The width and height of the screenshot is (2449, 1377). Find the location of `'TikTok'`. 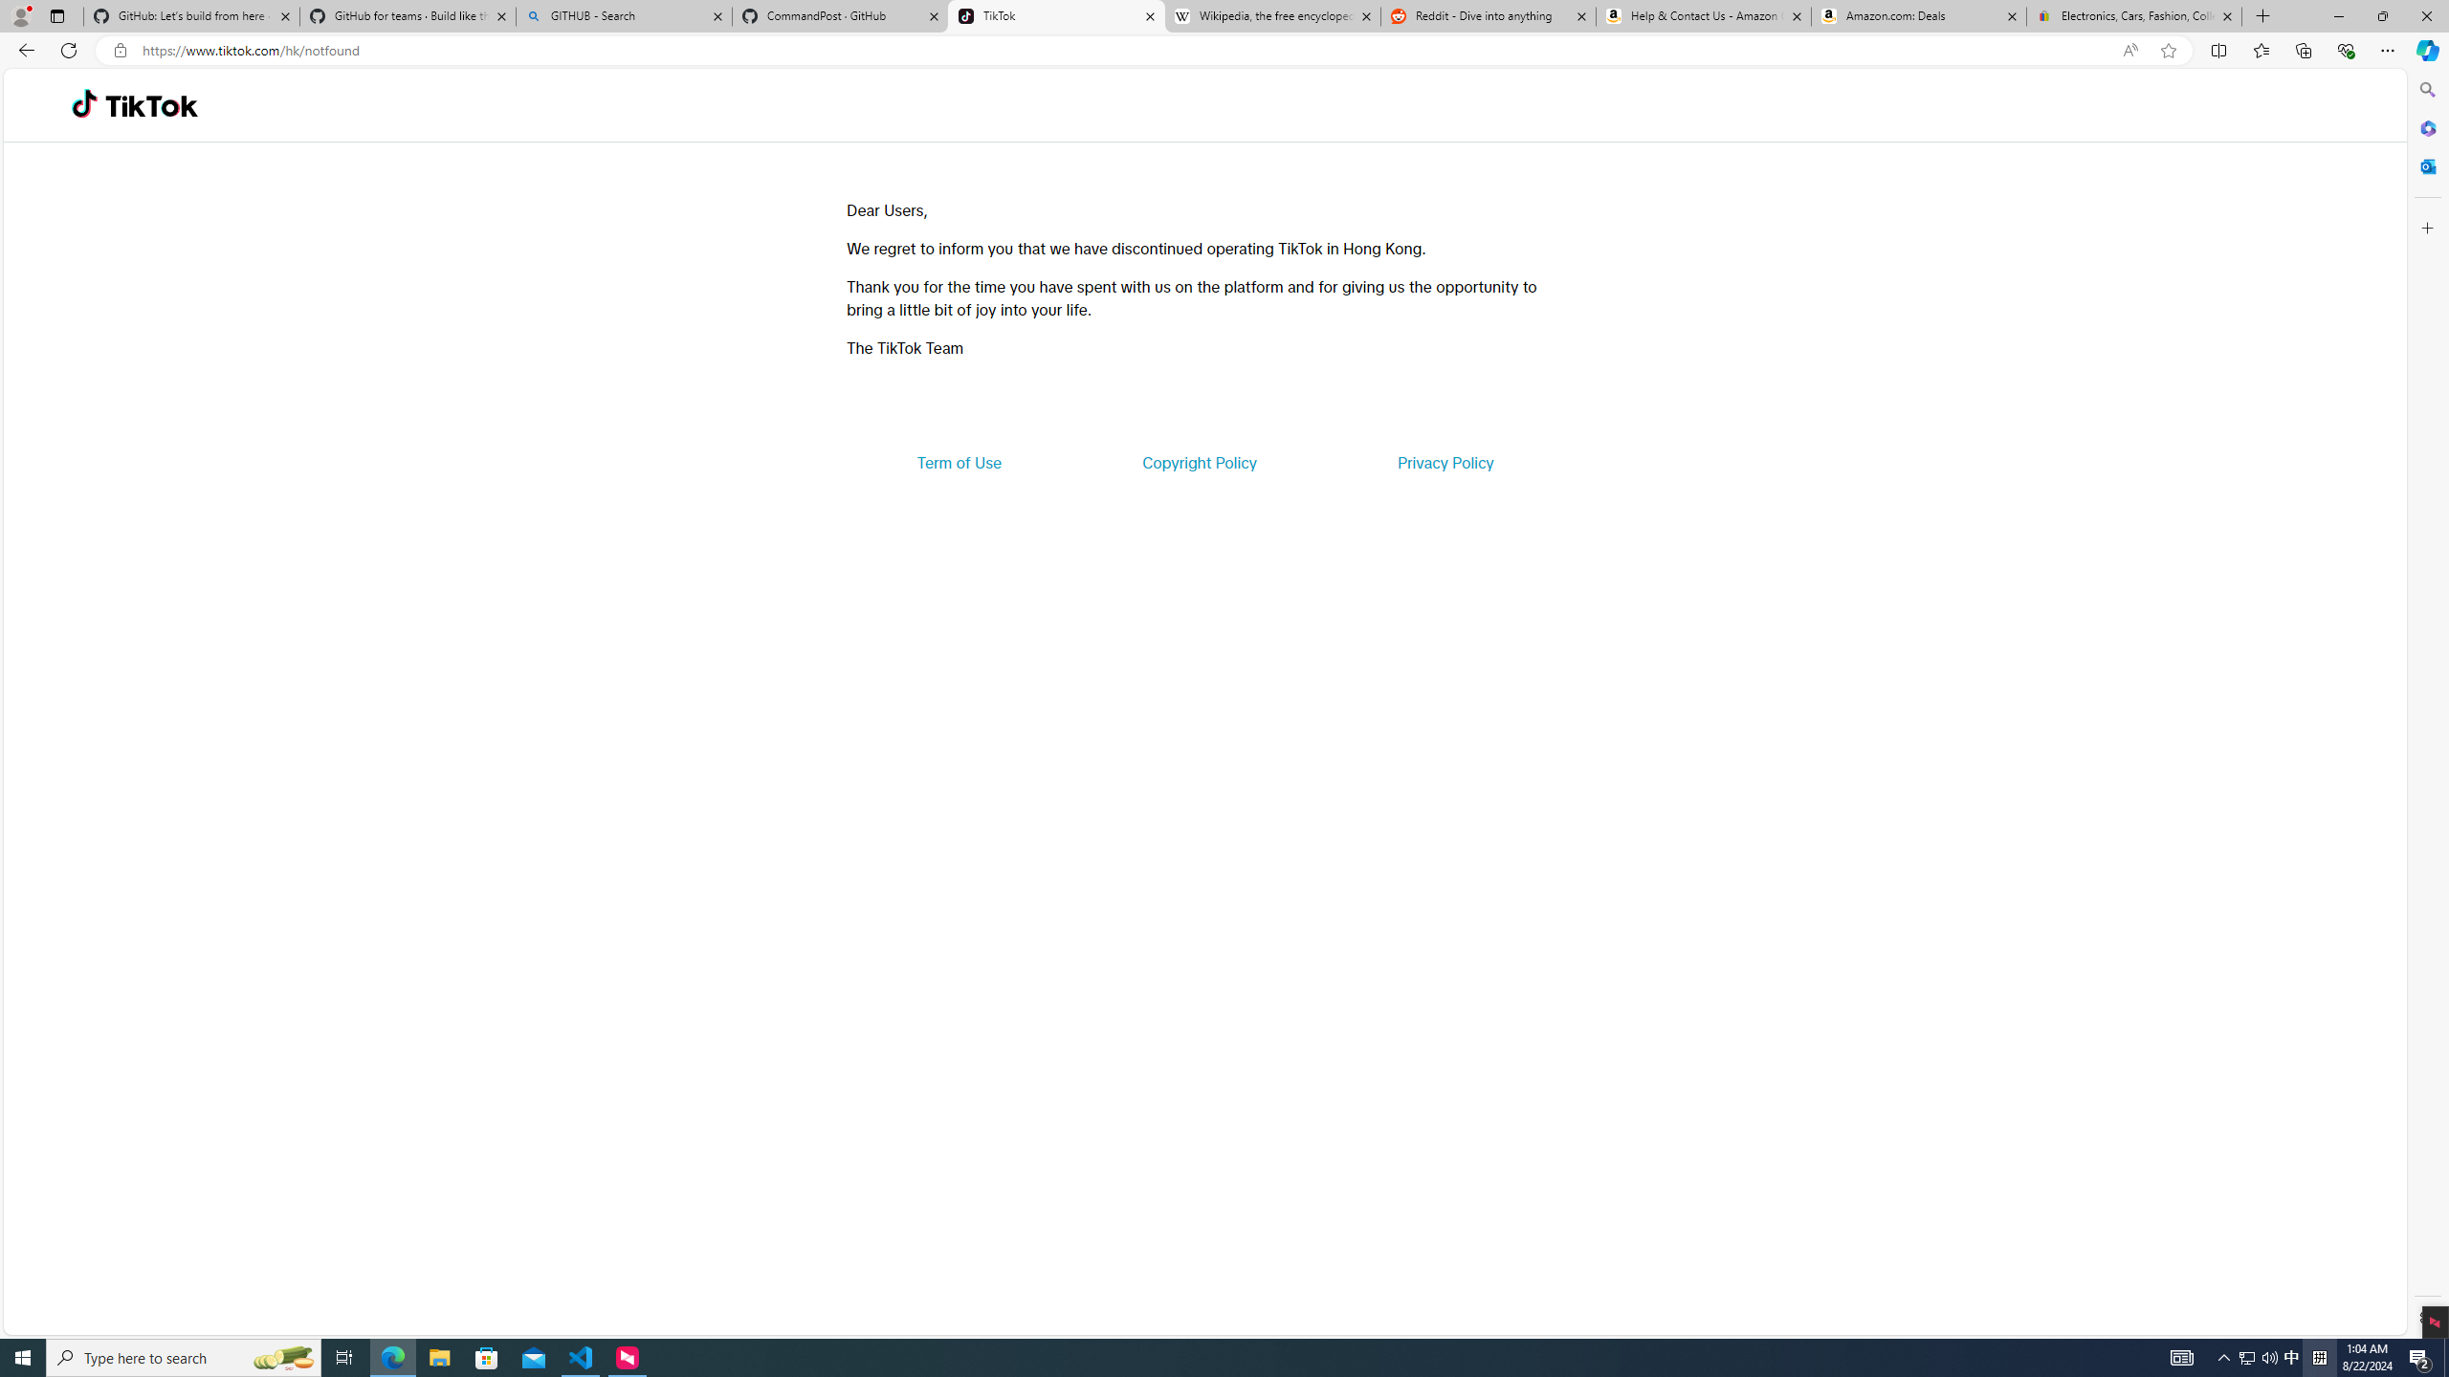

'TikTok' is located at coordinates (151, 105).